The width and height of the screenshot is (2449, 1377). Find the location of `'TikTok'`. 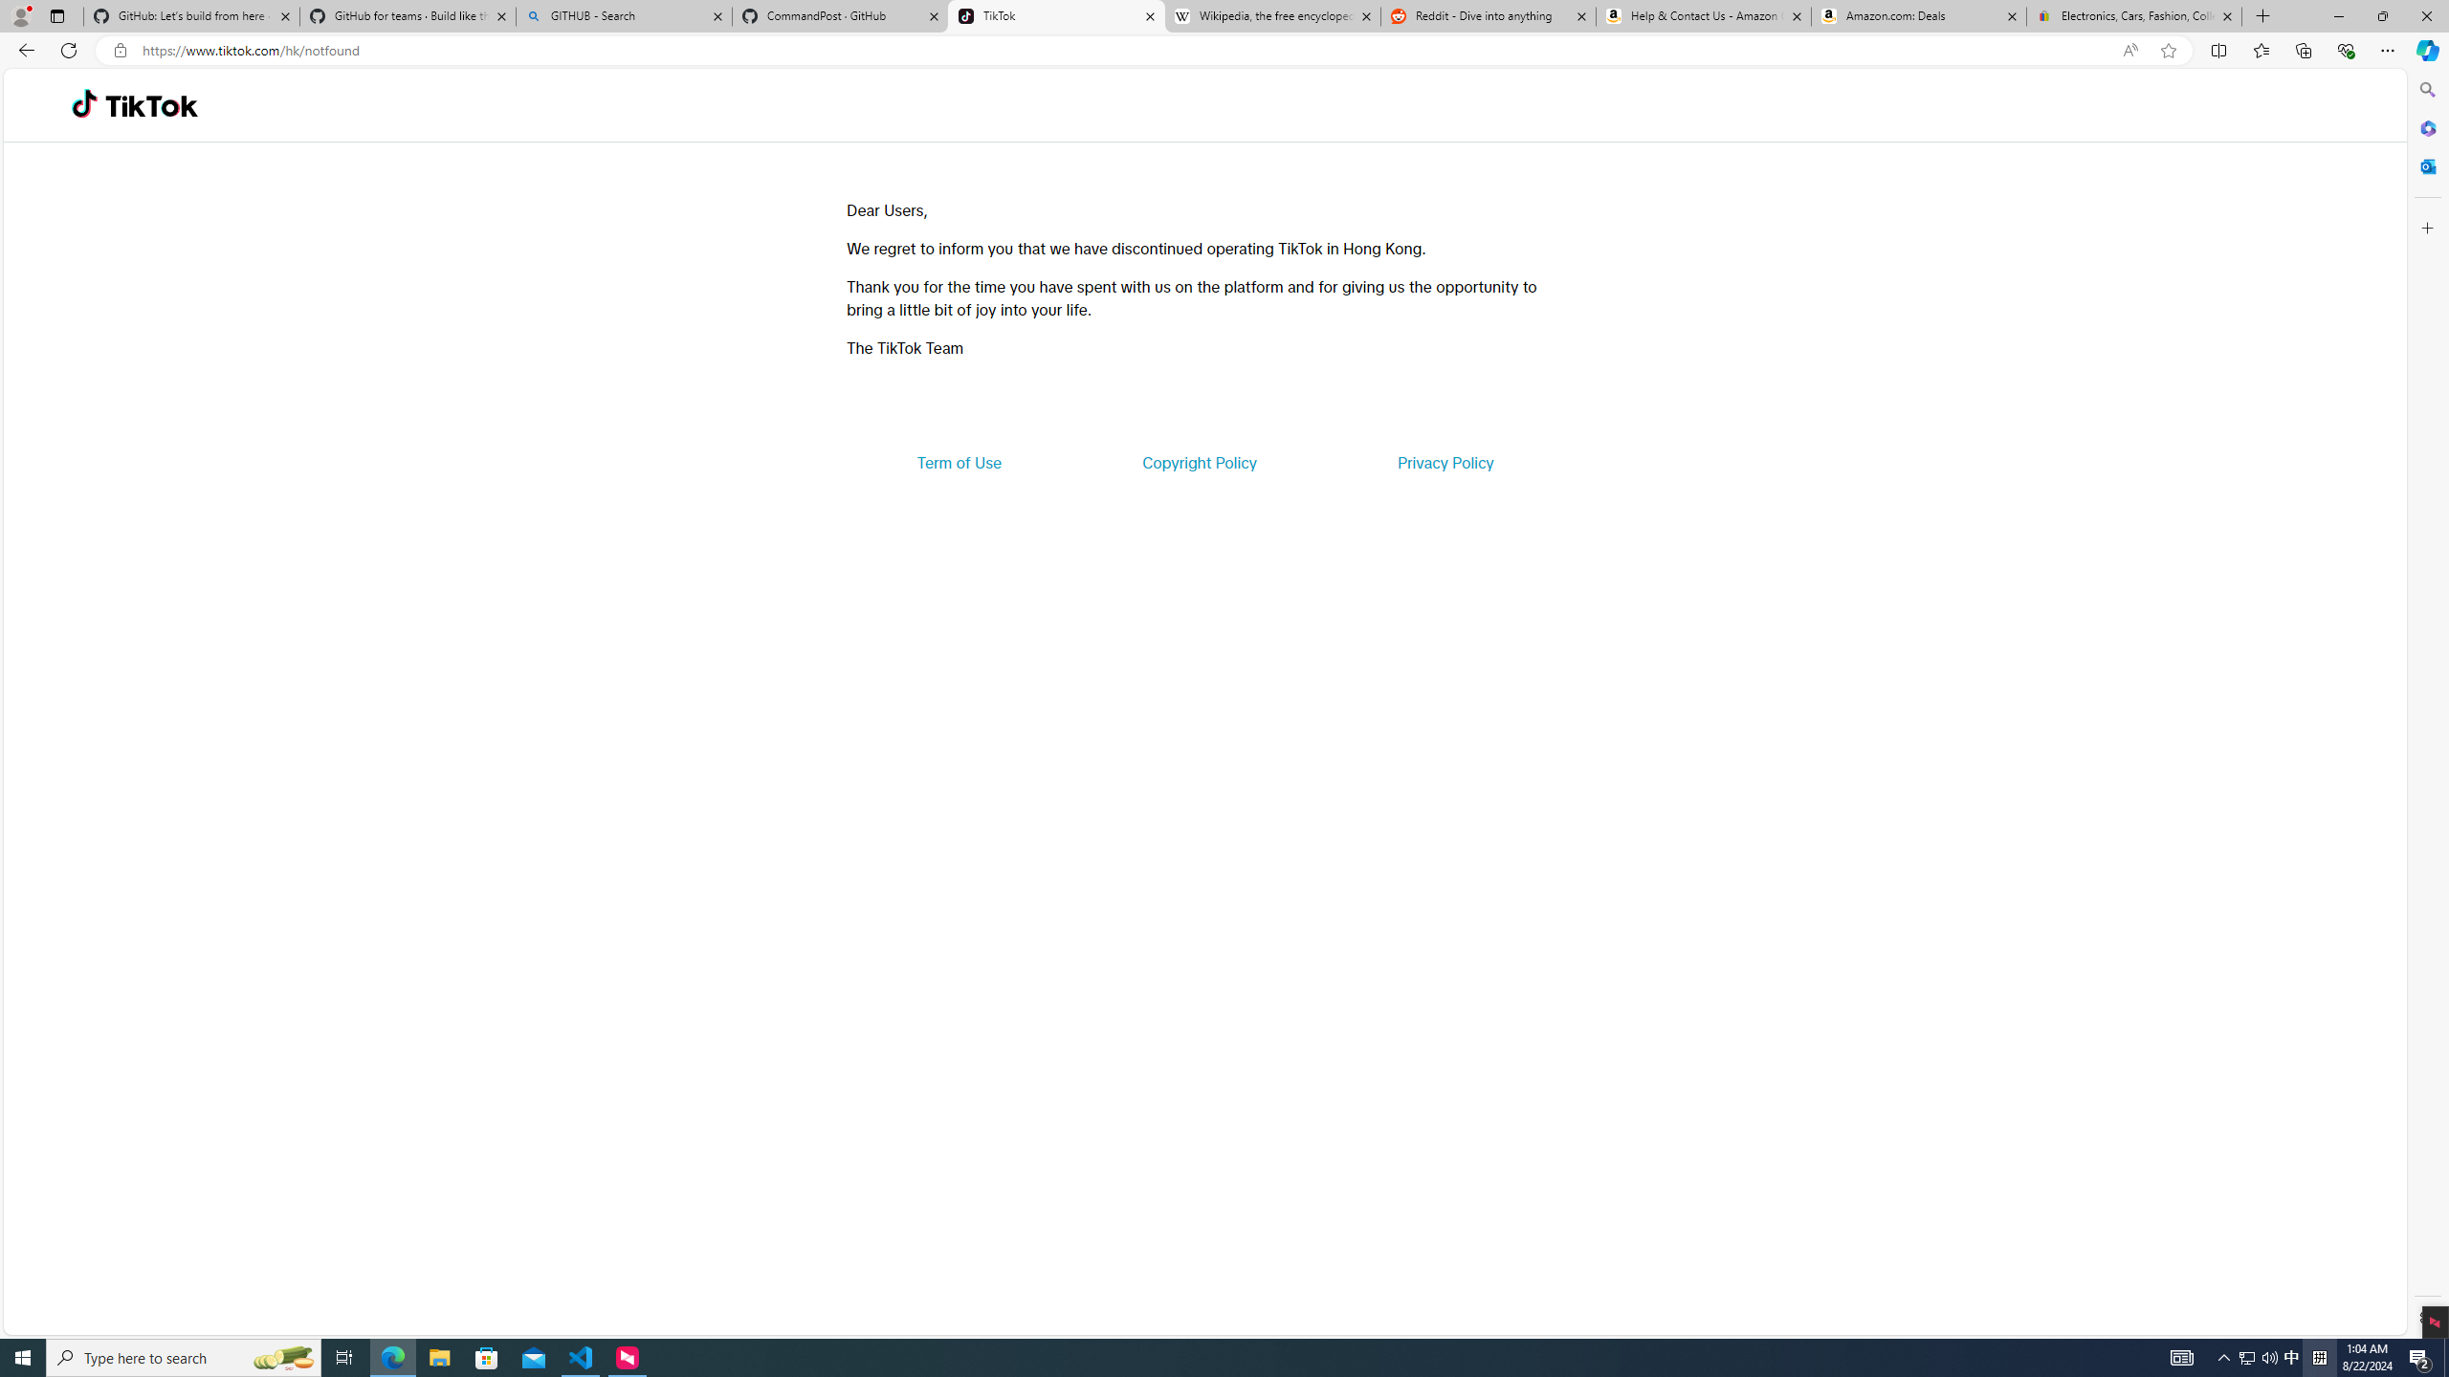

'TikTok' is located at coordinates (151, 105).